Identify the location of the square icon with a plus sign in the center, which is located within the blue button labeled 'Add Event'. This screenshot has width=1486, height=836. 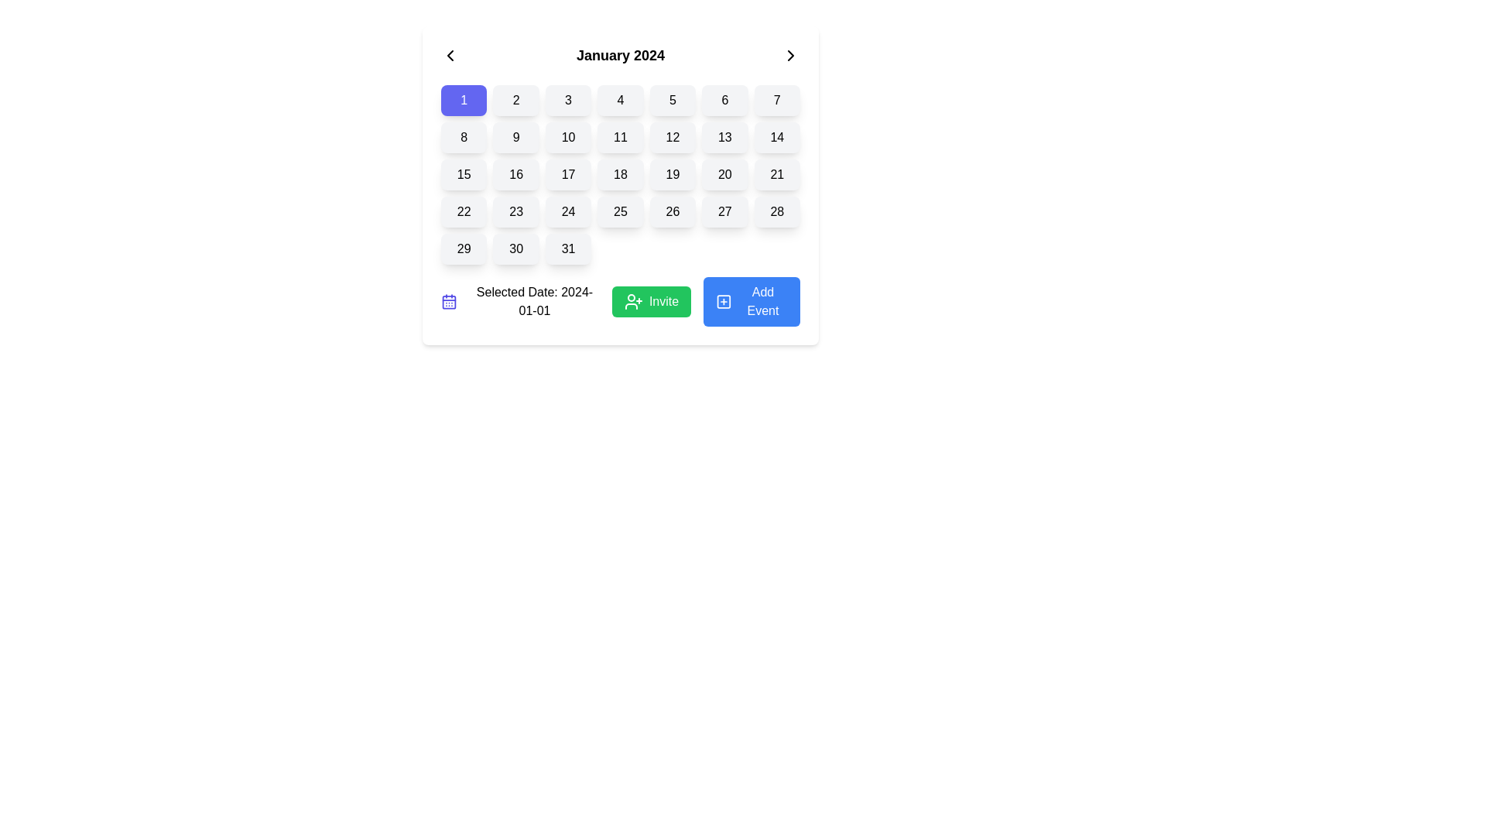
(723, 301).